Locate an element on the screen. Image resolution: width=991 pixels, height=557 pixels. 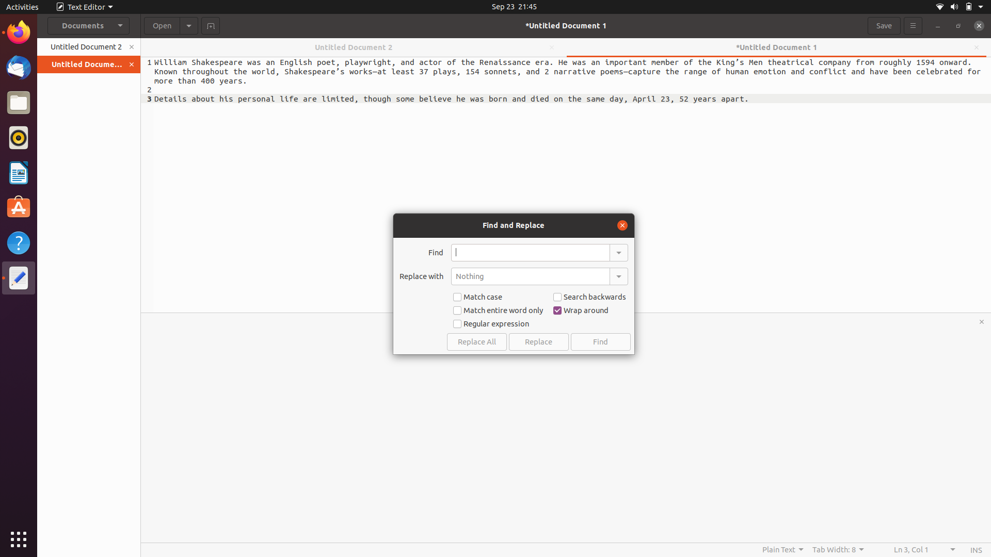
Search all appearances of the word which was searched before the last is located at coordinates (618, 252).